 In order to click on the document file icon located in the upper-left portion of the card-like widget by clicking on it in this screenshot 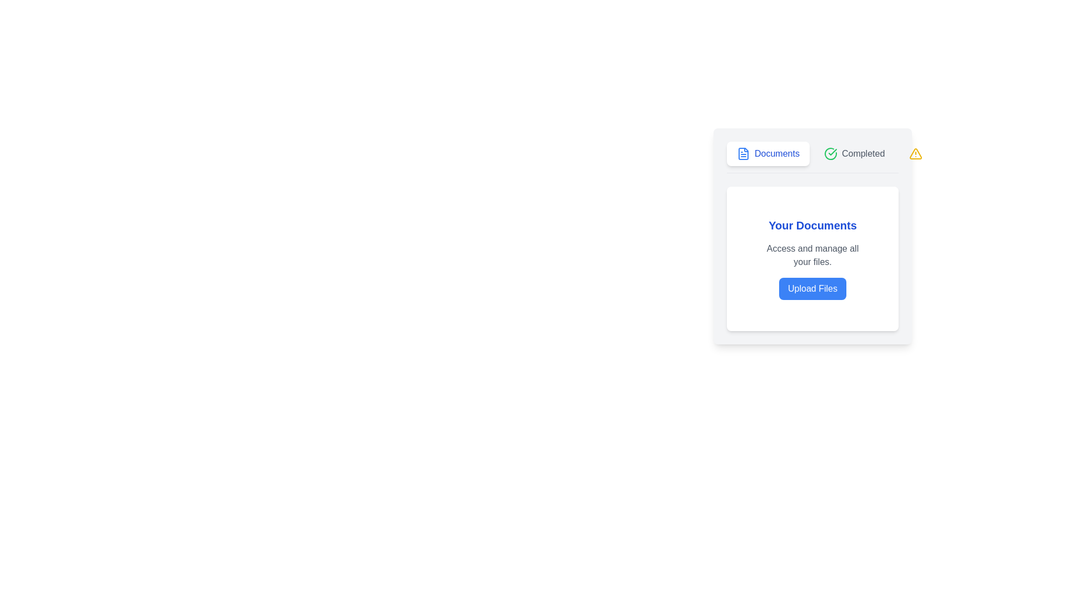, I will do `click(744, 154)`.